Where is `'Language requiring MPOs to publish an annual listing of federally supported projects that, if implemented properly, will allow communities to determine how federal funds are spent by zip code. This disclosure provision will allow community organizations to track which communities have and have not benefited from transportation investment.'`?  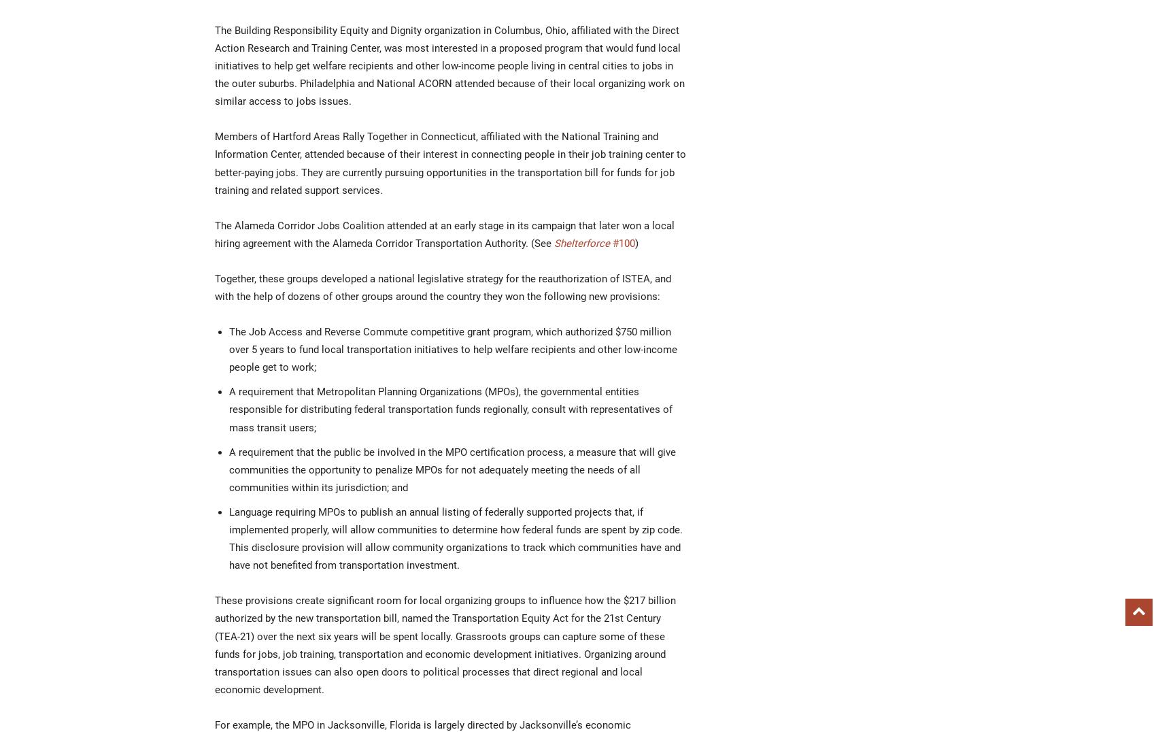
'Language requiring MPOs to publish an annual listing of federally supported projects that, if implemented properly, will allow communities to determine how federal funds are spent by zip code. This disclosure provision will allow community organizations to track which communities have and have not benefited from transportation investment.' is located at coordinates (456, 538).